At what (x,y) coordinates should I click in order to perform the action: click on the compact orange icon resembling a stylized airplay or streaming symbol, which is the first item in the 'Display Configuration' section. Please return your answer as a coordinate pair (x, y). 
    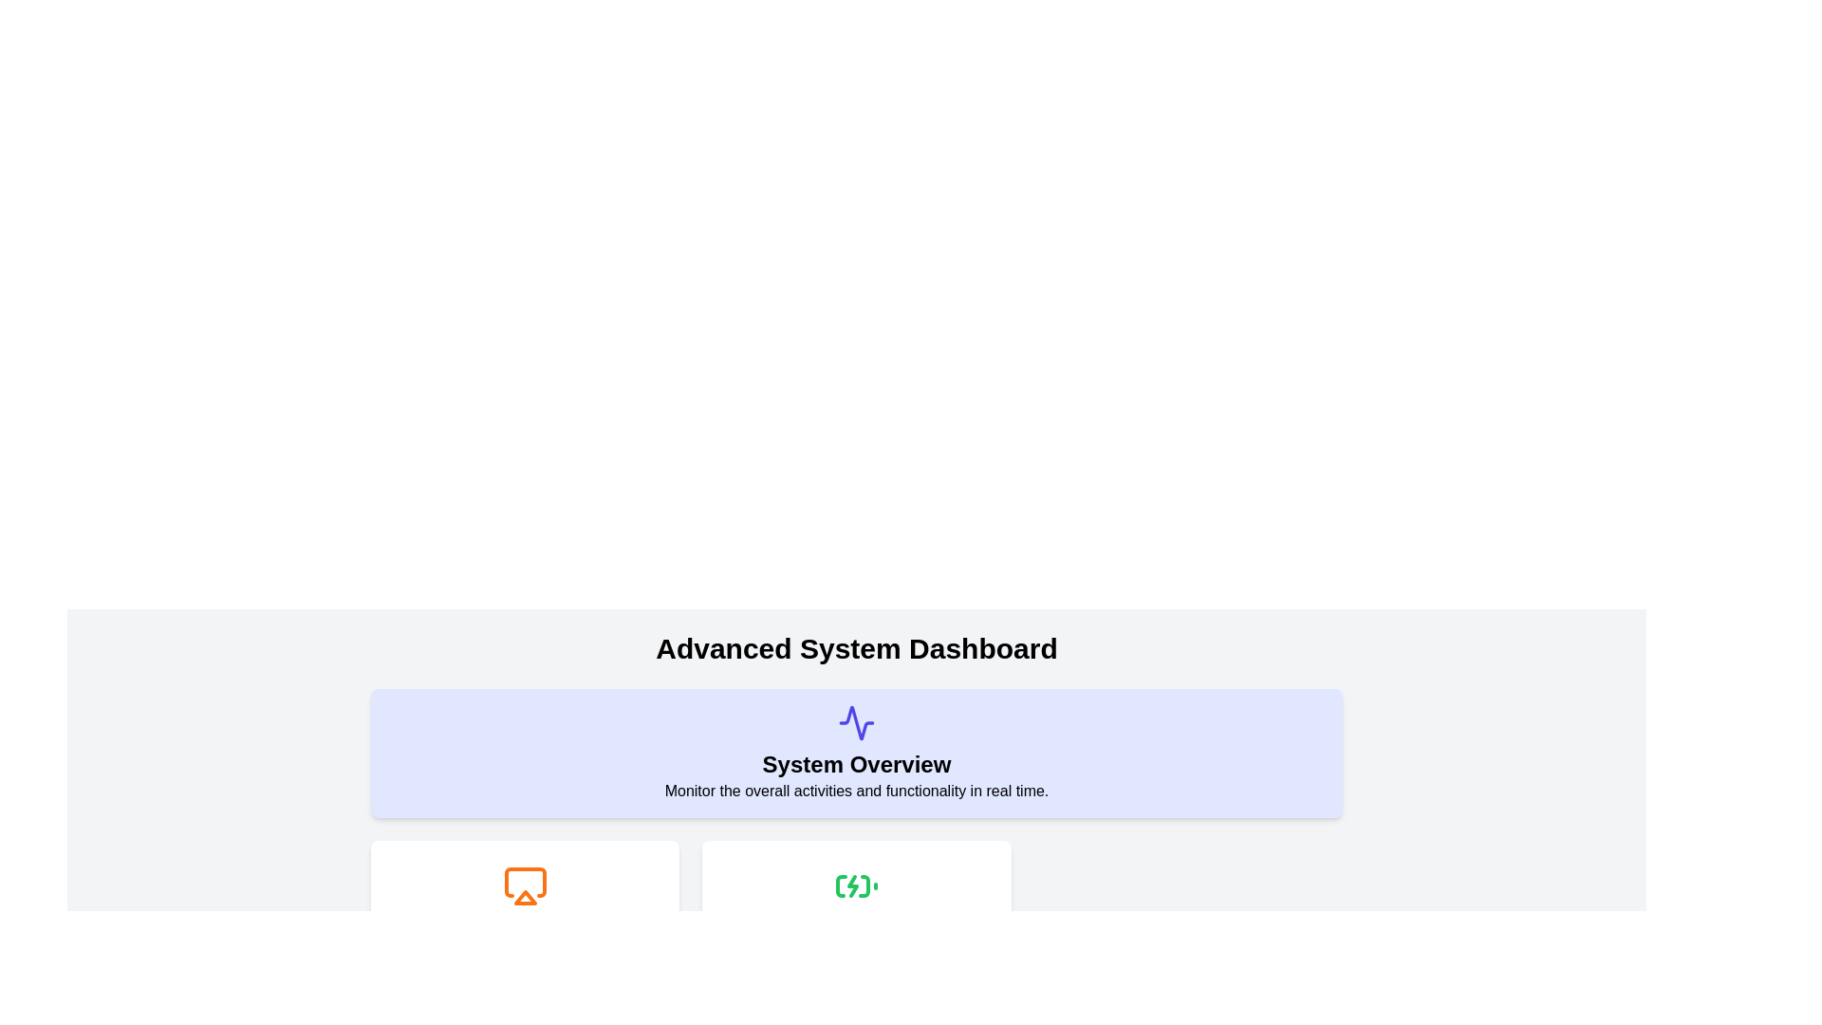
    Looking at the image, I should click on (525, 885).